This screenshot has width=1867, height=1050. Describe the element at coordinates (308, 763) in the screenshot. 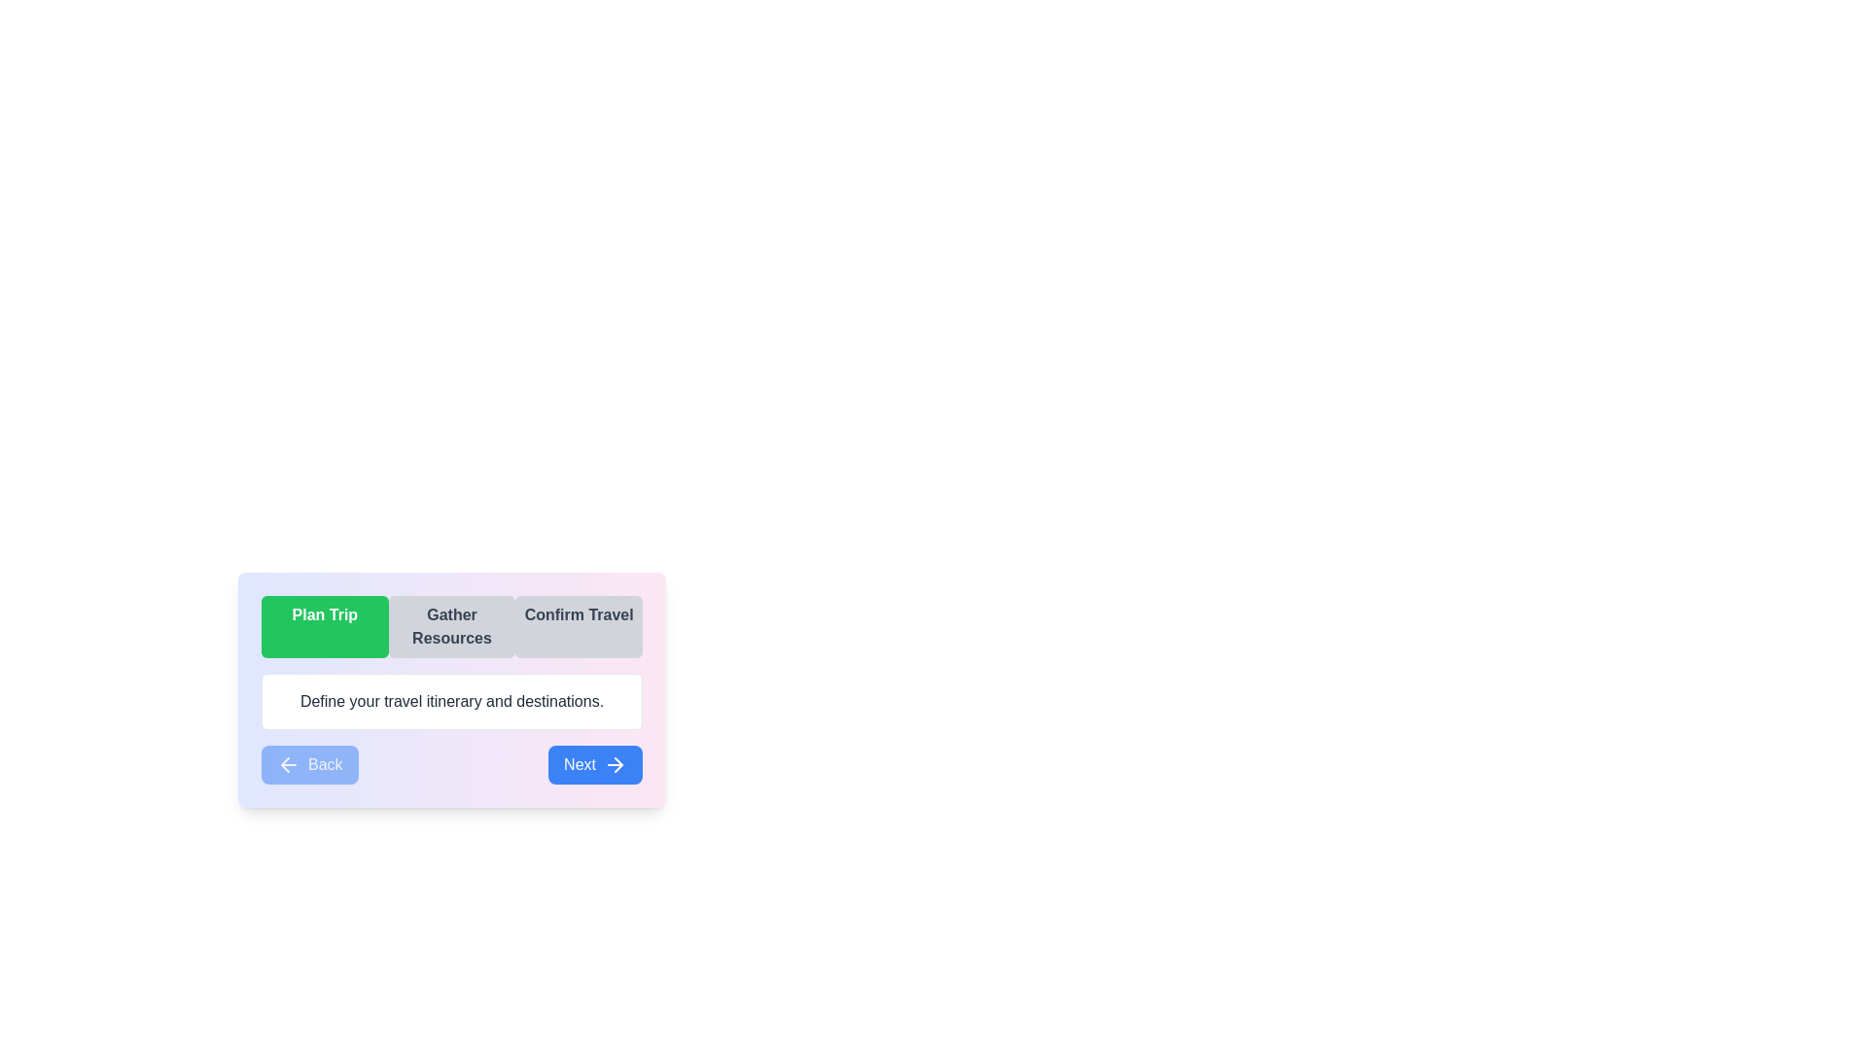

I see `the blue 'Back' button with a leftward arrow icon` at that location.